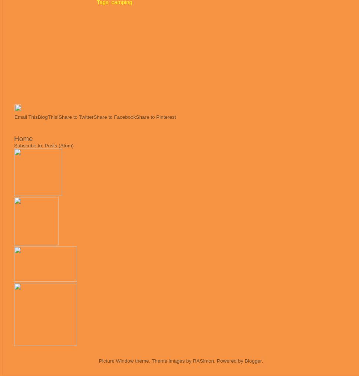  I want to click on 'Blogger', so click(253, 361).